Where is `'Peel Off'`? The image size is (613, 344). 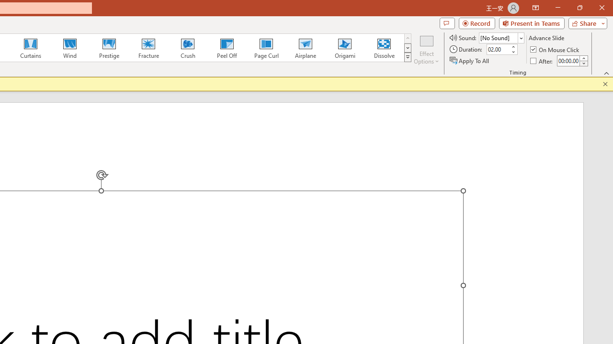
'Peel Off' is located at coordinates (226, 48).